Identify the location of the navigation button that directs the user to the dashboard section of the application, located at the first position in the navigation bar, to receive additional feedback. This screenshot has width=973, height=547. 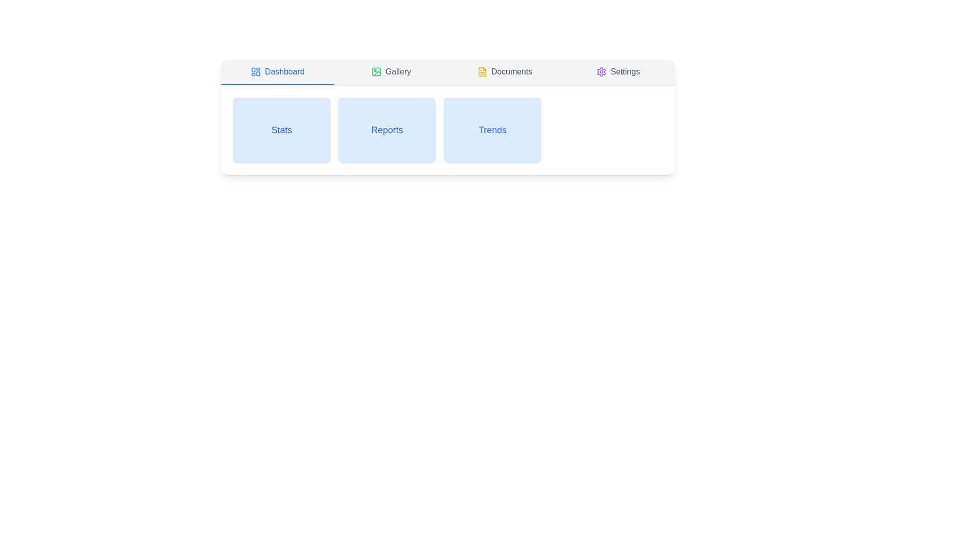
(277, 71).